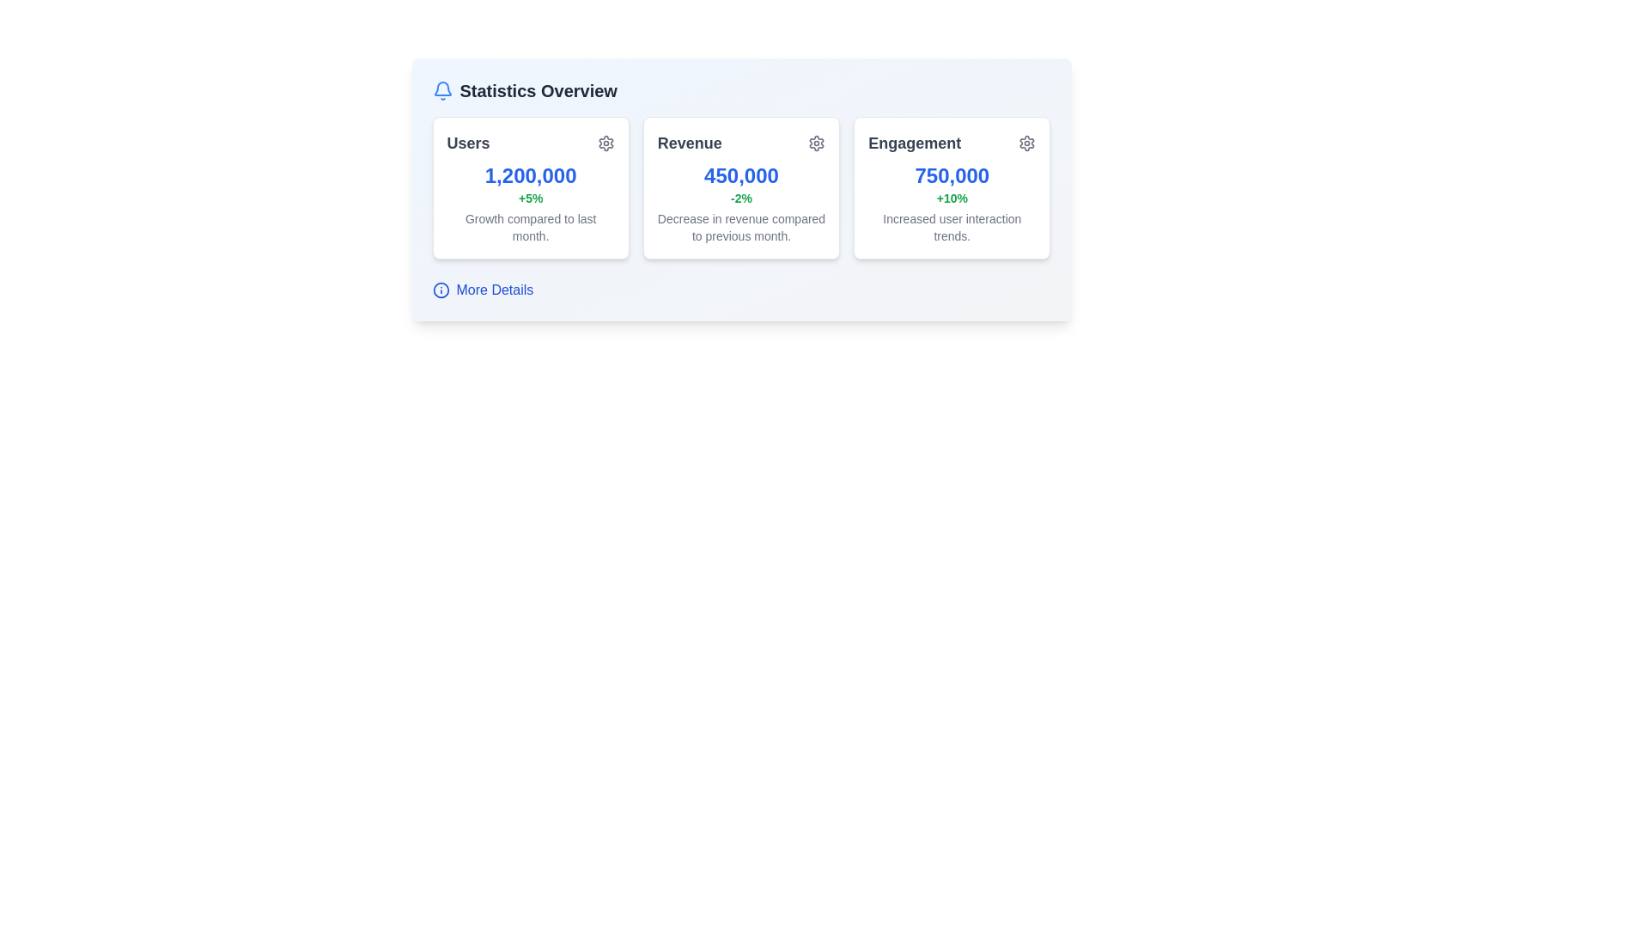  Describe the element at coordinates (914, 142) in the screenshot. I see `the descriptive title text label located at the top left of the third card in the 'Statistics Overview' section, which helps identify the card's metric or category` at that location.